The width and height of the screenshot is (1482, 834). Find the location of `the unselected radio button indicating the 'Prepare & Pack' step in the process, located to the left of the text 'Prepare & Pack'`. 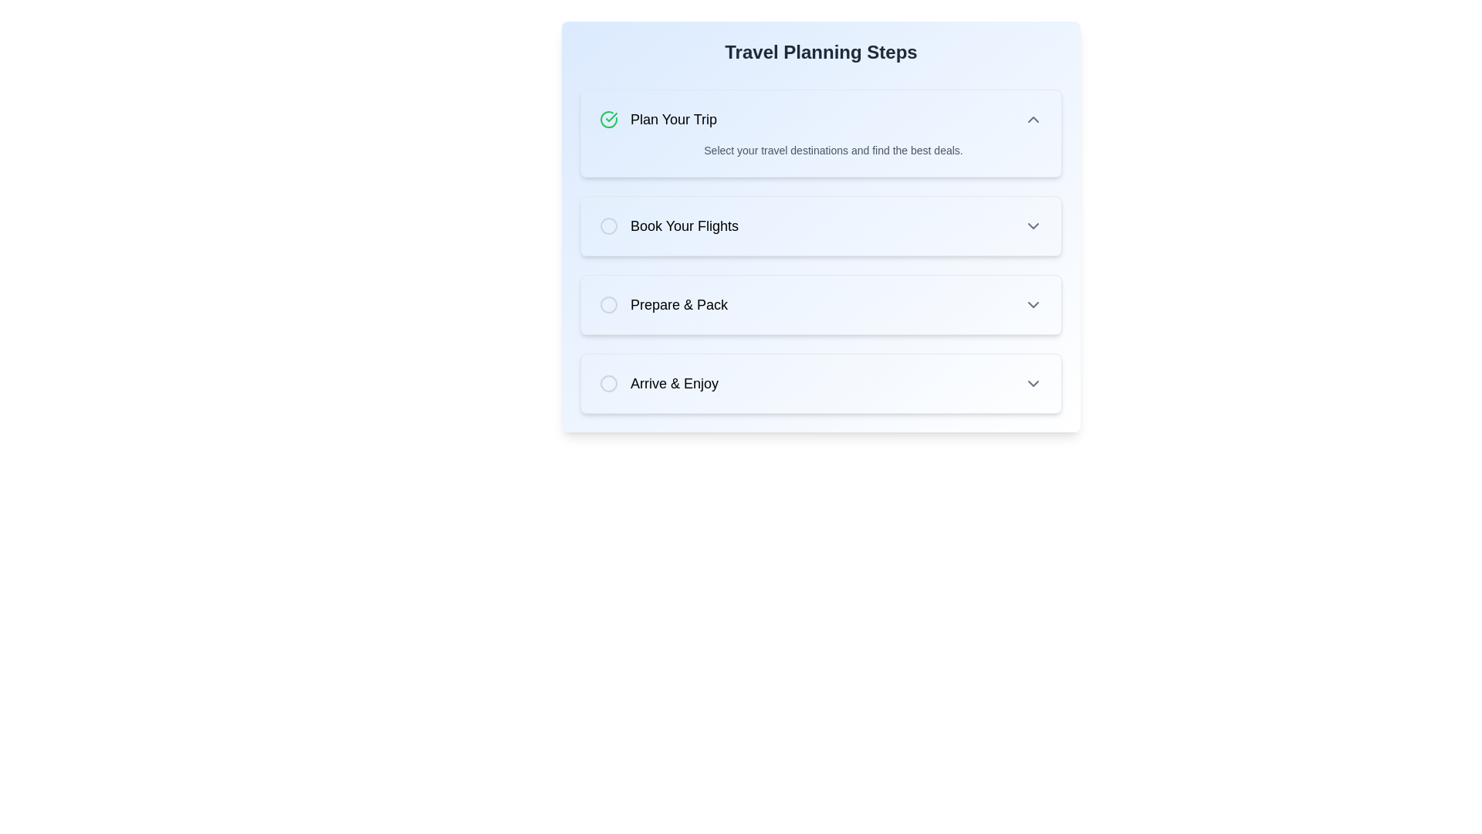

the unselected radio button indicating the 'Prepare & Pack' step in the process, located to the left of the text 'Prepare & Pack' is located at coordinates (607, 304).